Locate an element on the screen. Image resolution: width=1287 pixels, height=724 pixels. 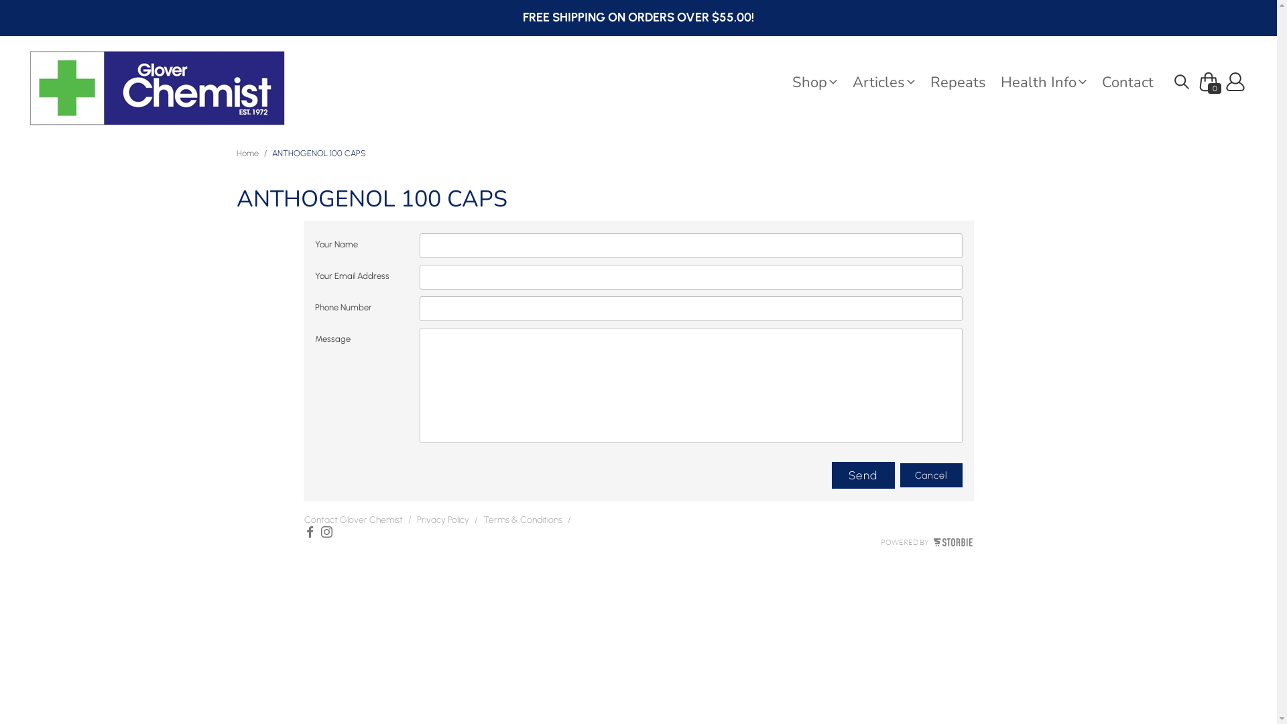
'Health Info' is located at coordinates (1050, 82).